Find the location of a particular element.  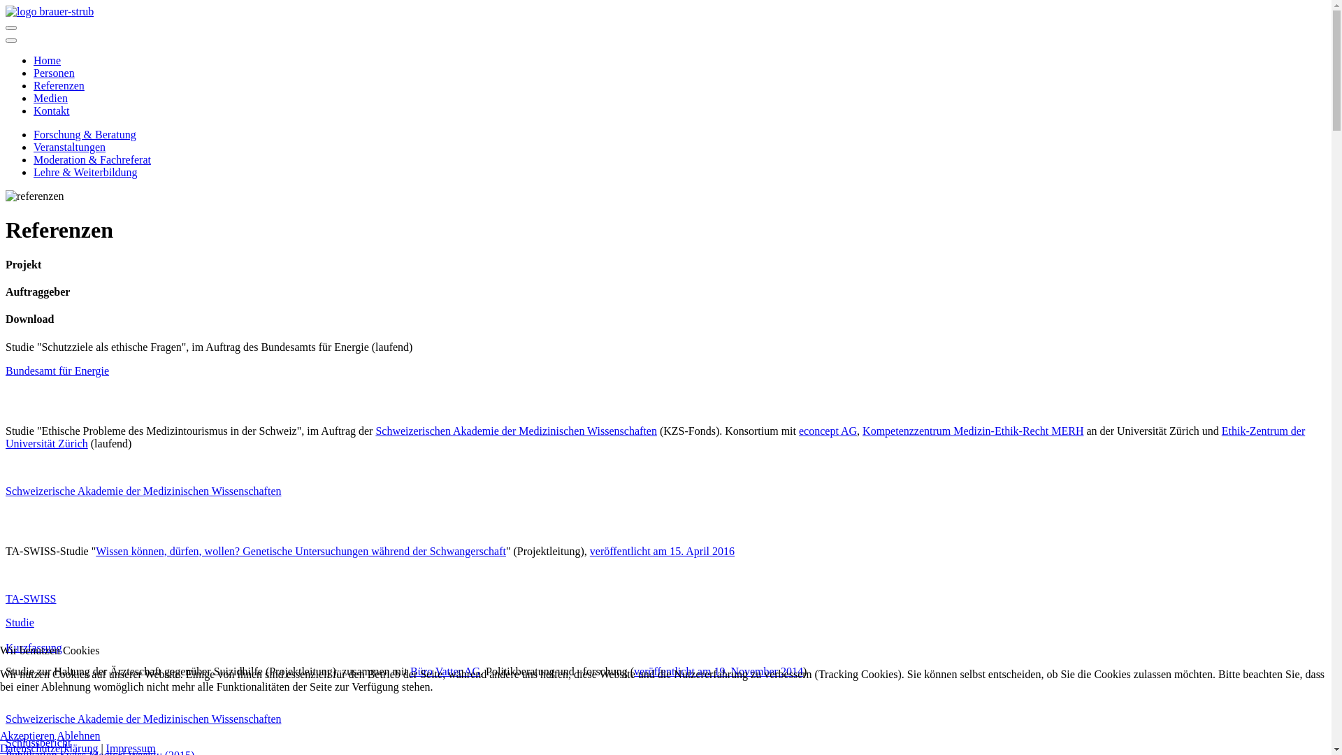

'Medien' is located at coordinates (50, 97).